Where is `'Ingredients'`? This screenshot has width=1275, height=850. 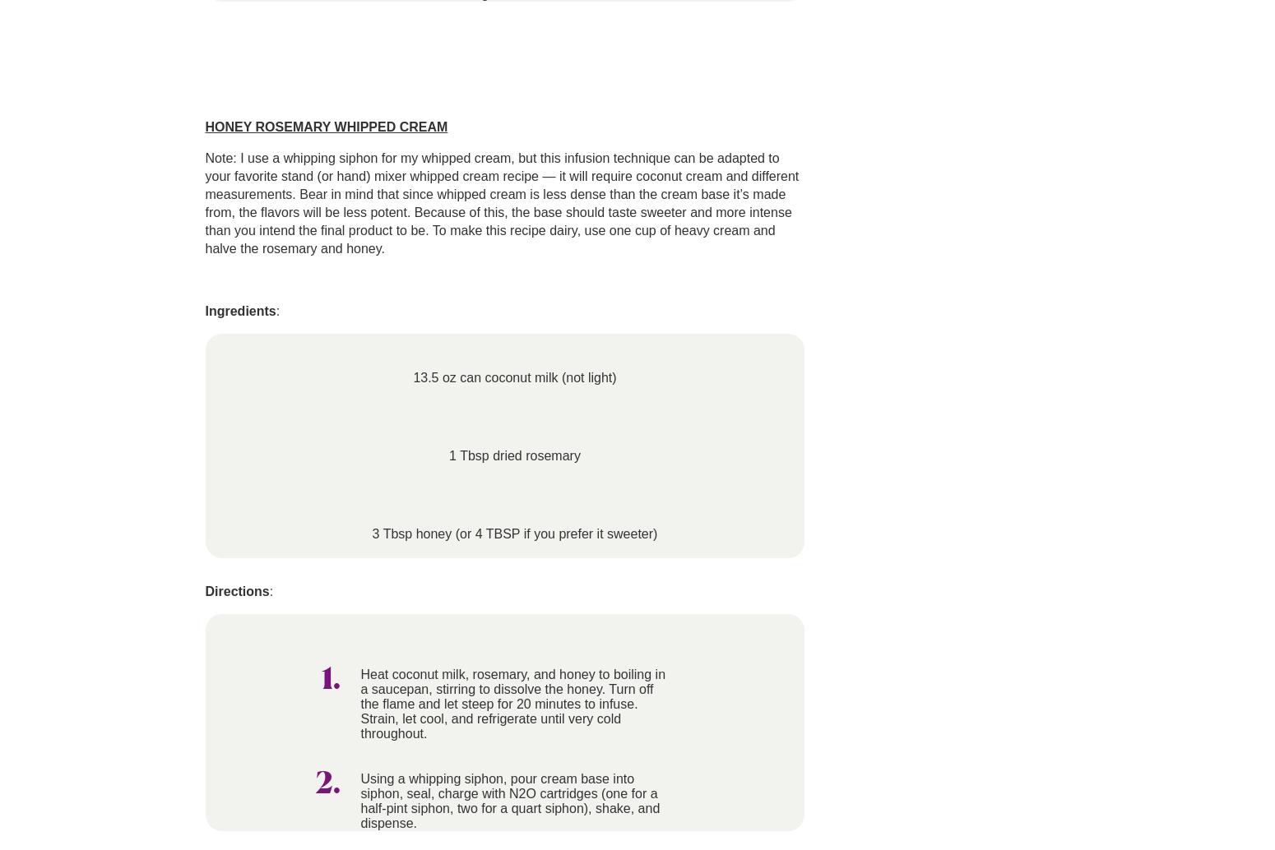 'Ingredients' is located at coordinates (204, 310).